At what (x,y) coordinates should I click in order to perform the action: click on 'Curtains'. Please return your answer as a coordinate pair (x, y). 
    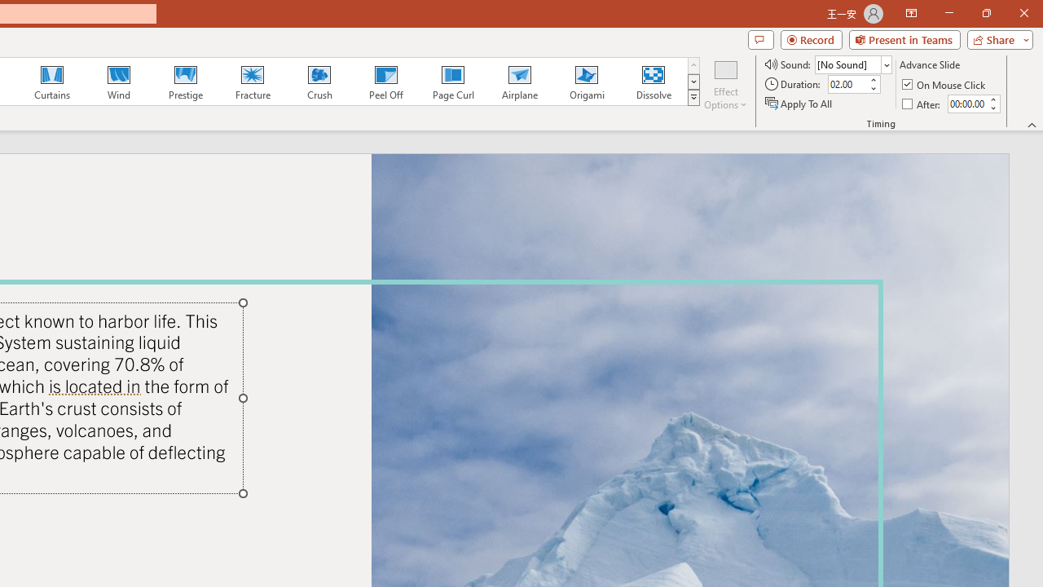
    Looking at the image, I should click on (52, 82).